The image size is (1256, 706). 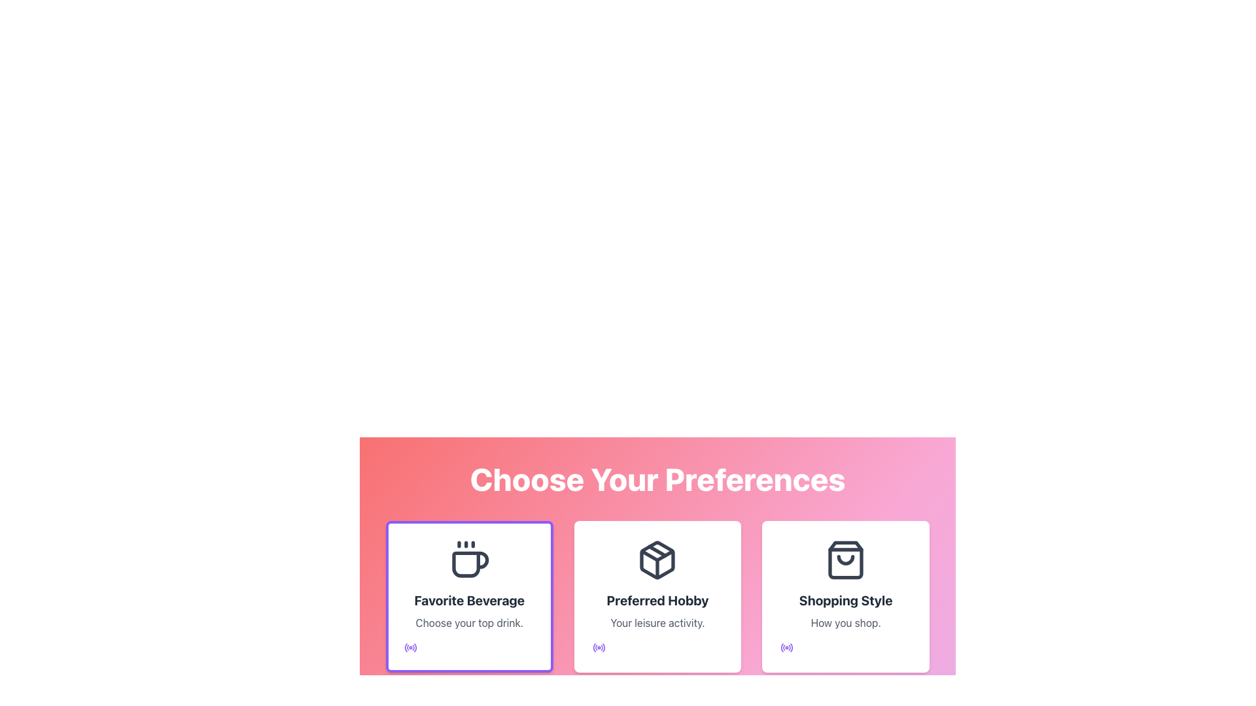 I want to click on the third selectable card in the shopping style selection interface, positioned on the far right of the grid layout, so click(x=846, y=597).